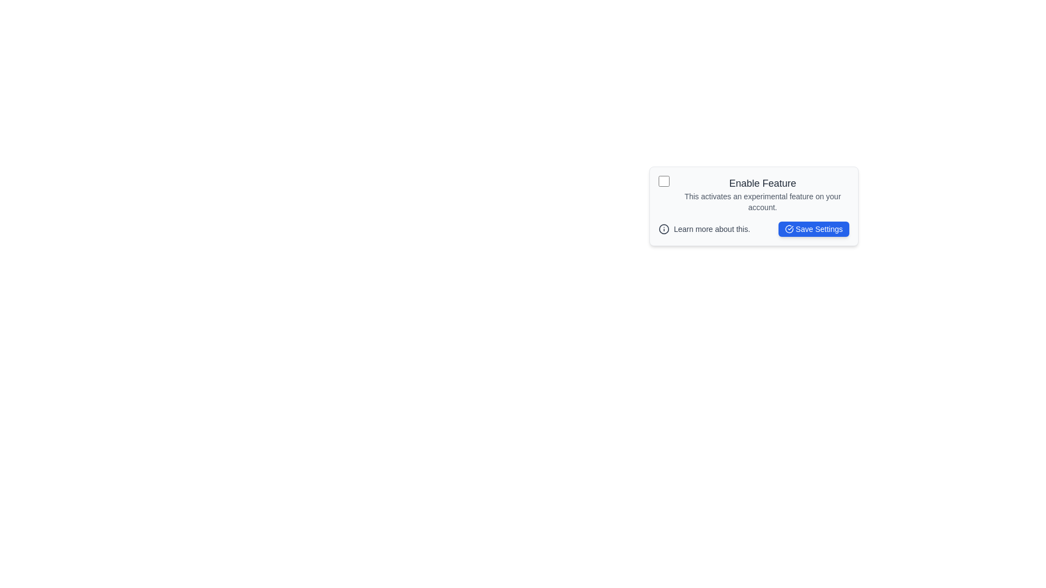 The image size is (1046, 588). What do you see at coordinates (664, 180) in the screenshot?
I see `the checkbox that enables or disables the experimental feature via keyboard navigation` at bounding box center [664, 180].